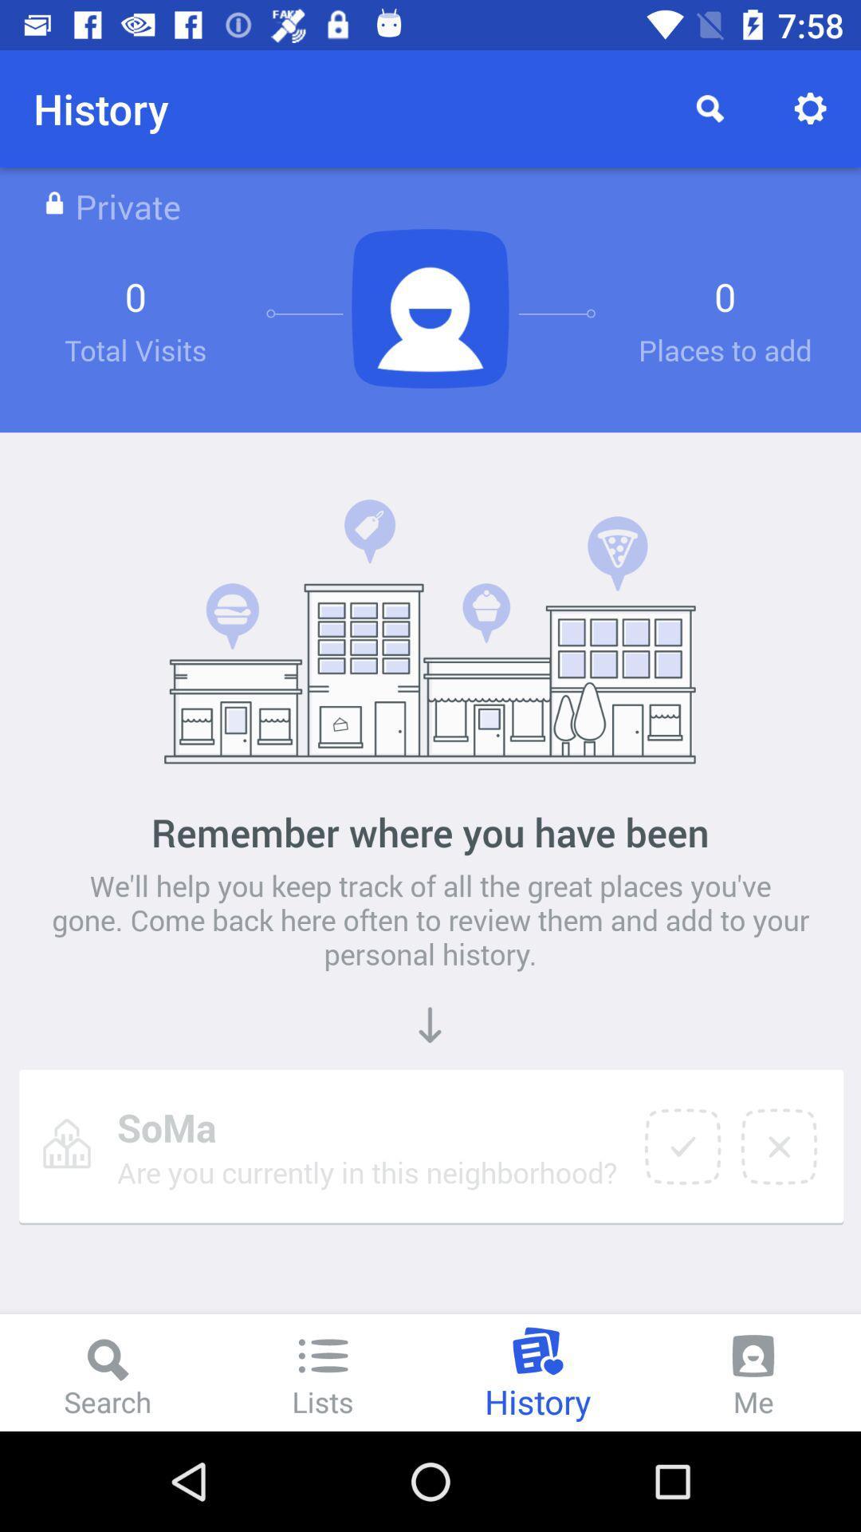 The height and width of the screenshot is (1532, 861). Describe the element at coordinates (682, 1146) in the screenshot. I see `yes` at that location.